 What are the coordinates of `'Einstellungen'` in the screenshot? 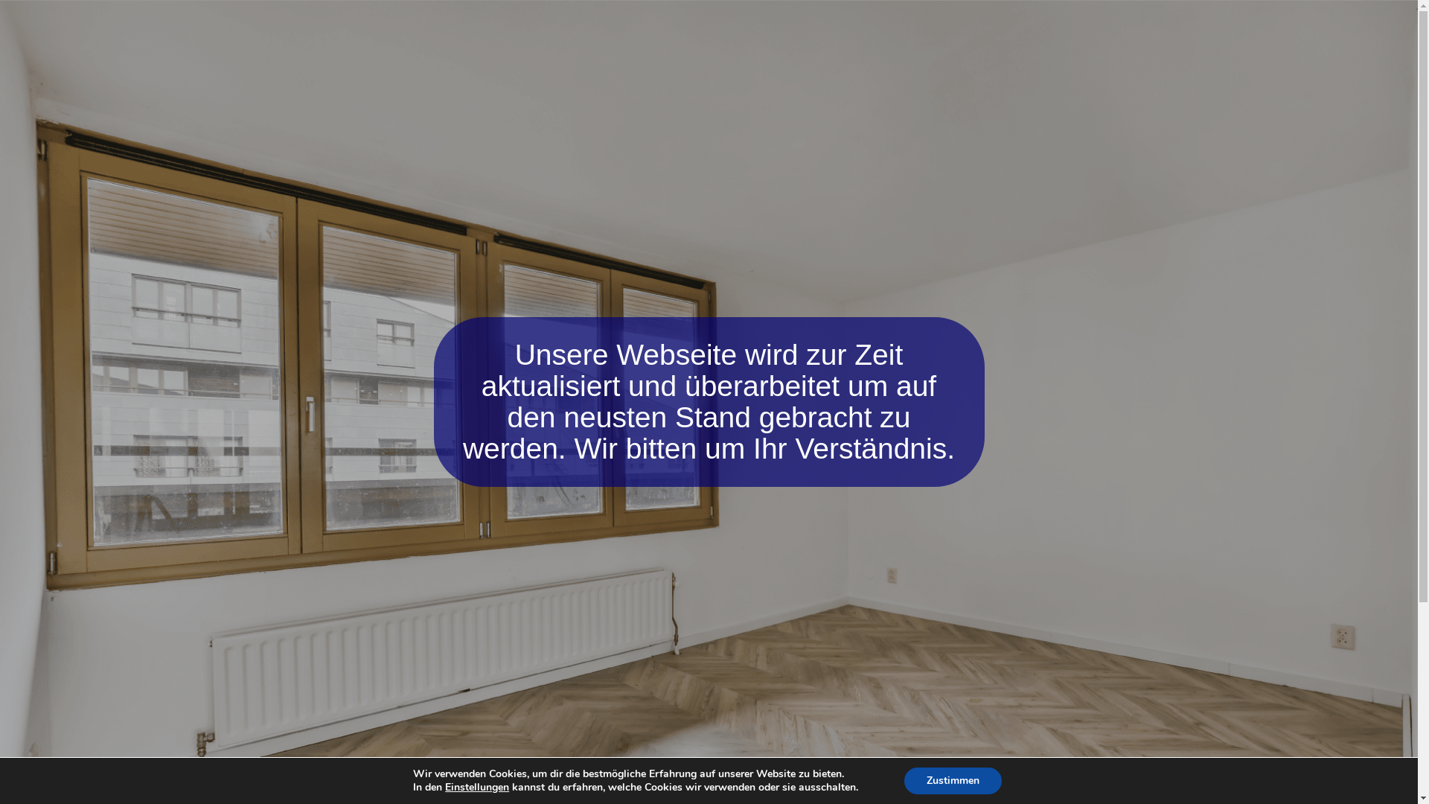 It's located at (477, 786).